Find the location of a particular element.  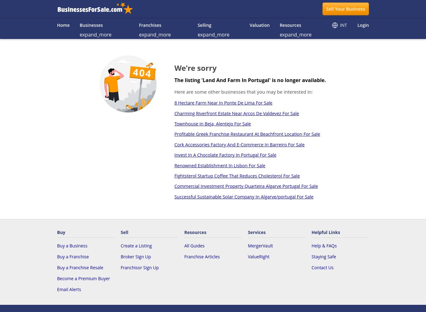

'Services' is located at coordinates (256, 232).